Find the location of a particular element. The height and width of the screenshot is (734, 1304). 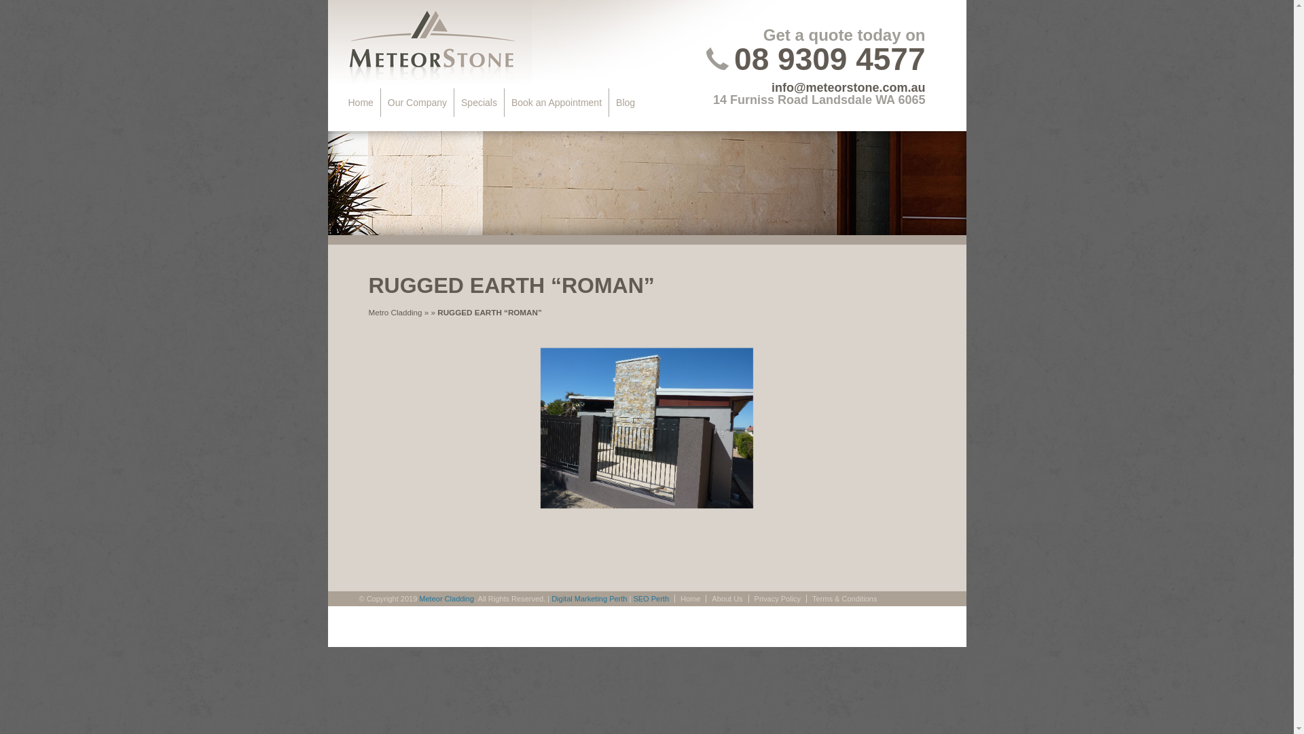

'Home' is located at coordinates (341, 101).